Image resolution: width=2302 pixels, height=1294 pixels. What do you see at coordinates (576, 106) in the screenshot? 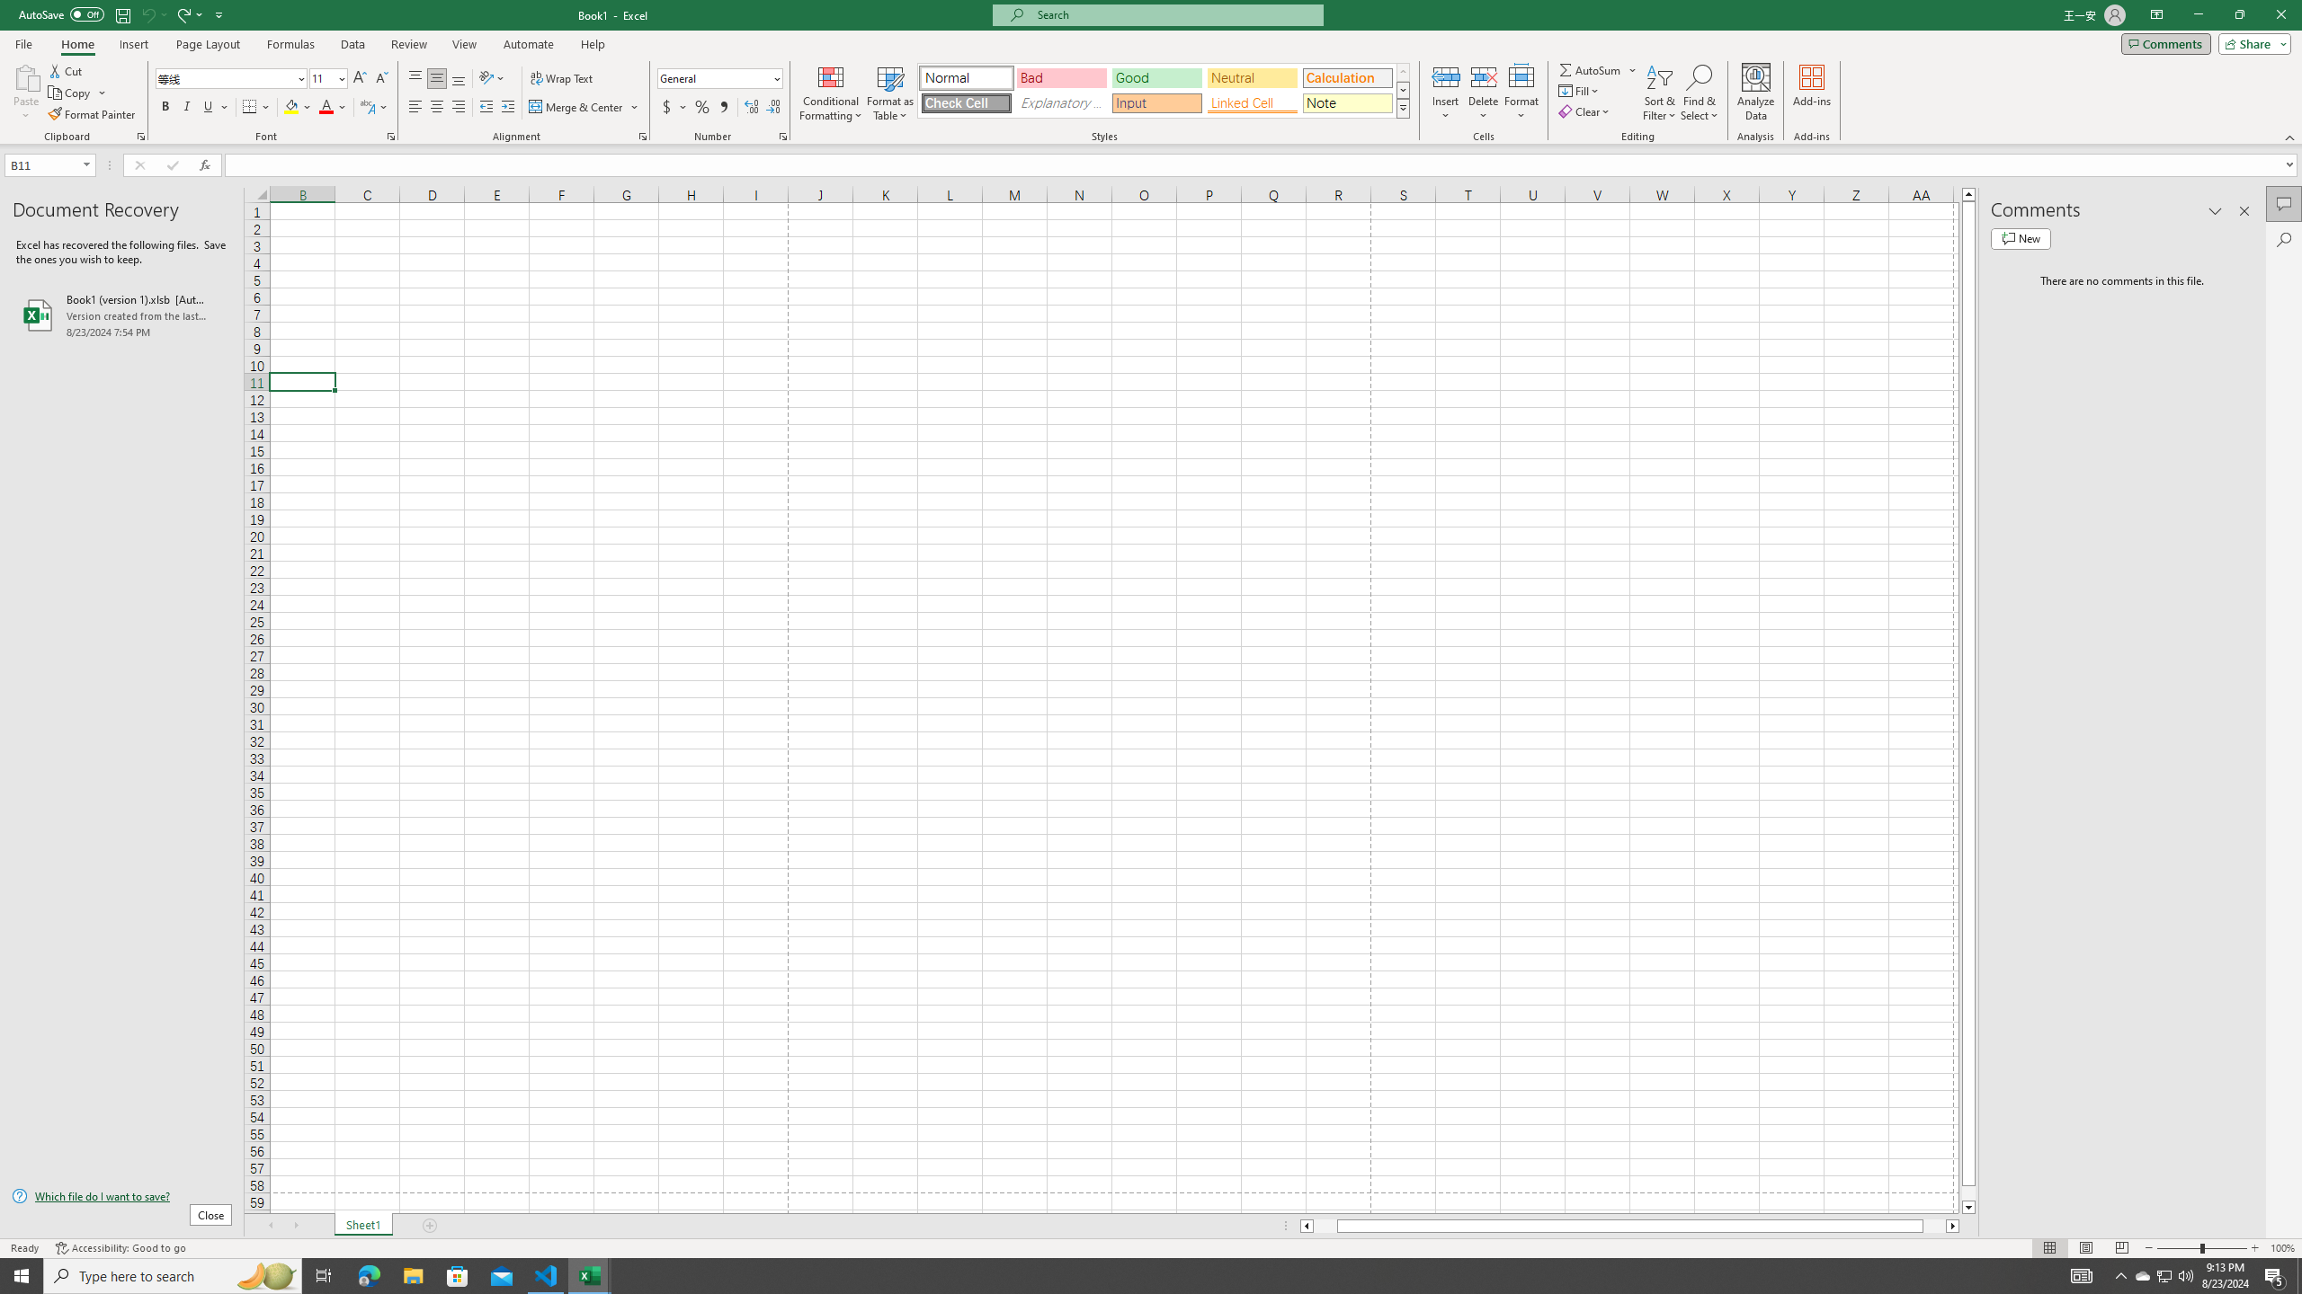
I see `'Merge & Center'` at bounding box center [576, 106].